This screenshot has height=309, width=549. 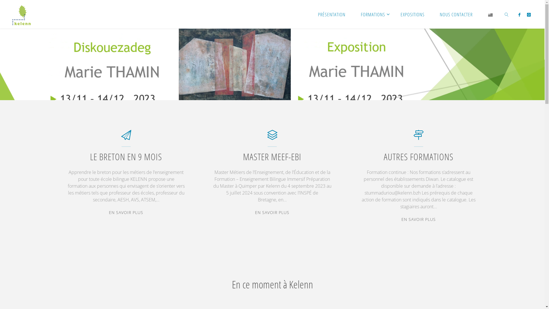 I want to click on 'Kelenn', so click(x=21, y=14).